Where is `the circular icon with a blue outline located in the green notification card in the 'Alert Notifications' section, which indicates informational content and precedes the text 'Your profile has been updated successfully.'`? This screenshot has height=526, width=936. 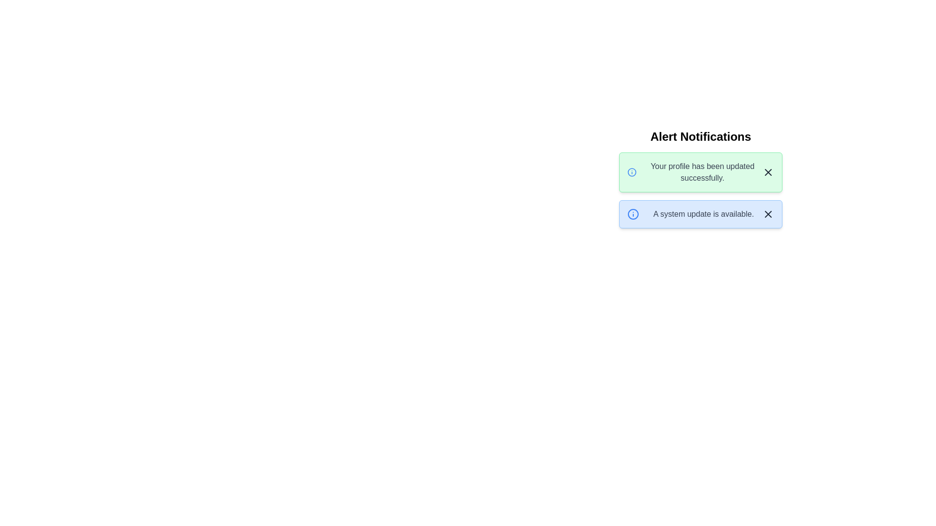
the circular icon with a blue outline located in the green notification card in the 'Alert Notifications' section, which indicates informational content and precedes the text 'Your profile has been updated successfully.' is located at coordinates (632, 172).